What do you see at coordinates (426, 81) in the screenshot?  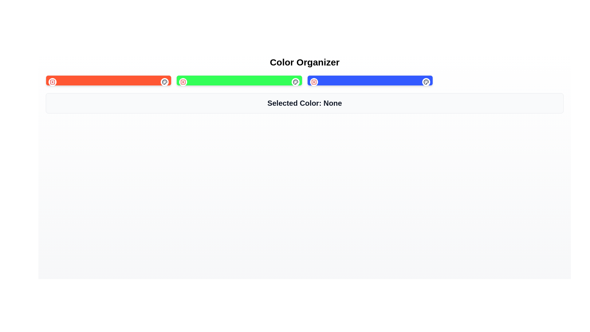 I see `the color palette icon located in the circular button on the right side of the blue rectangular area` at bounding box center [426, 81].